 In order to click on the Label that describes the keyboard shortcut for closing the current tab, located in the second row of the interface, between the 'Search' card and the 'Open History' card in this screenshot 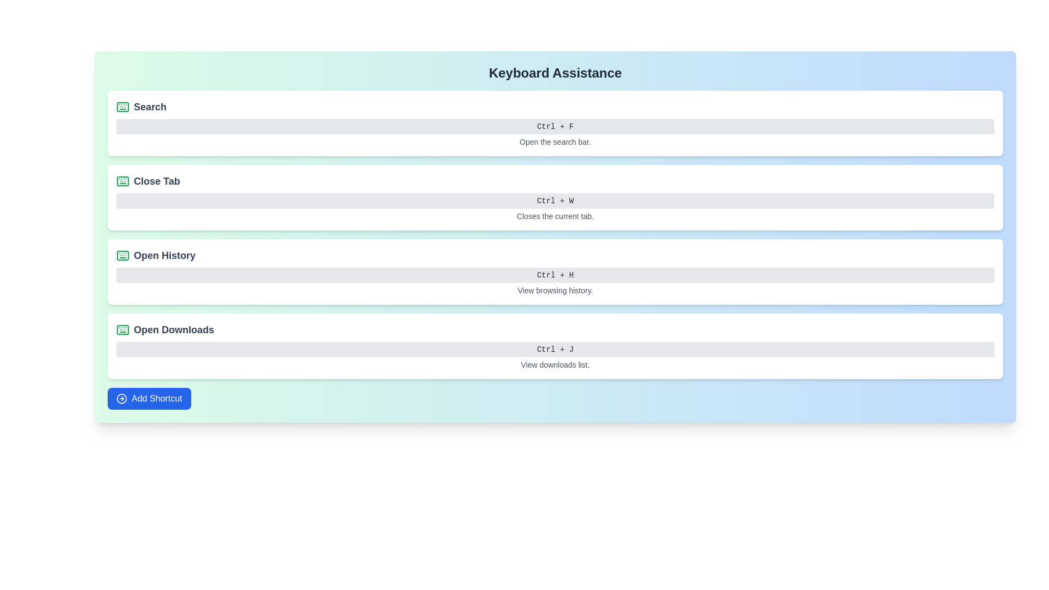, I will do `click(156, 180)`.